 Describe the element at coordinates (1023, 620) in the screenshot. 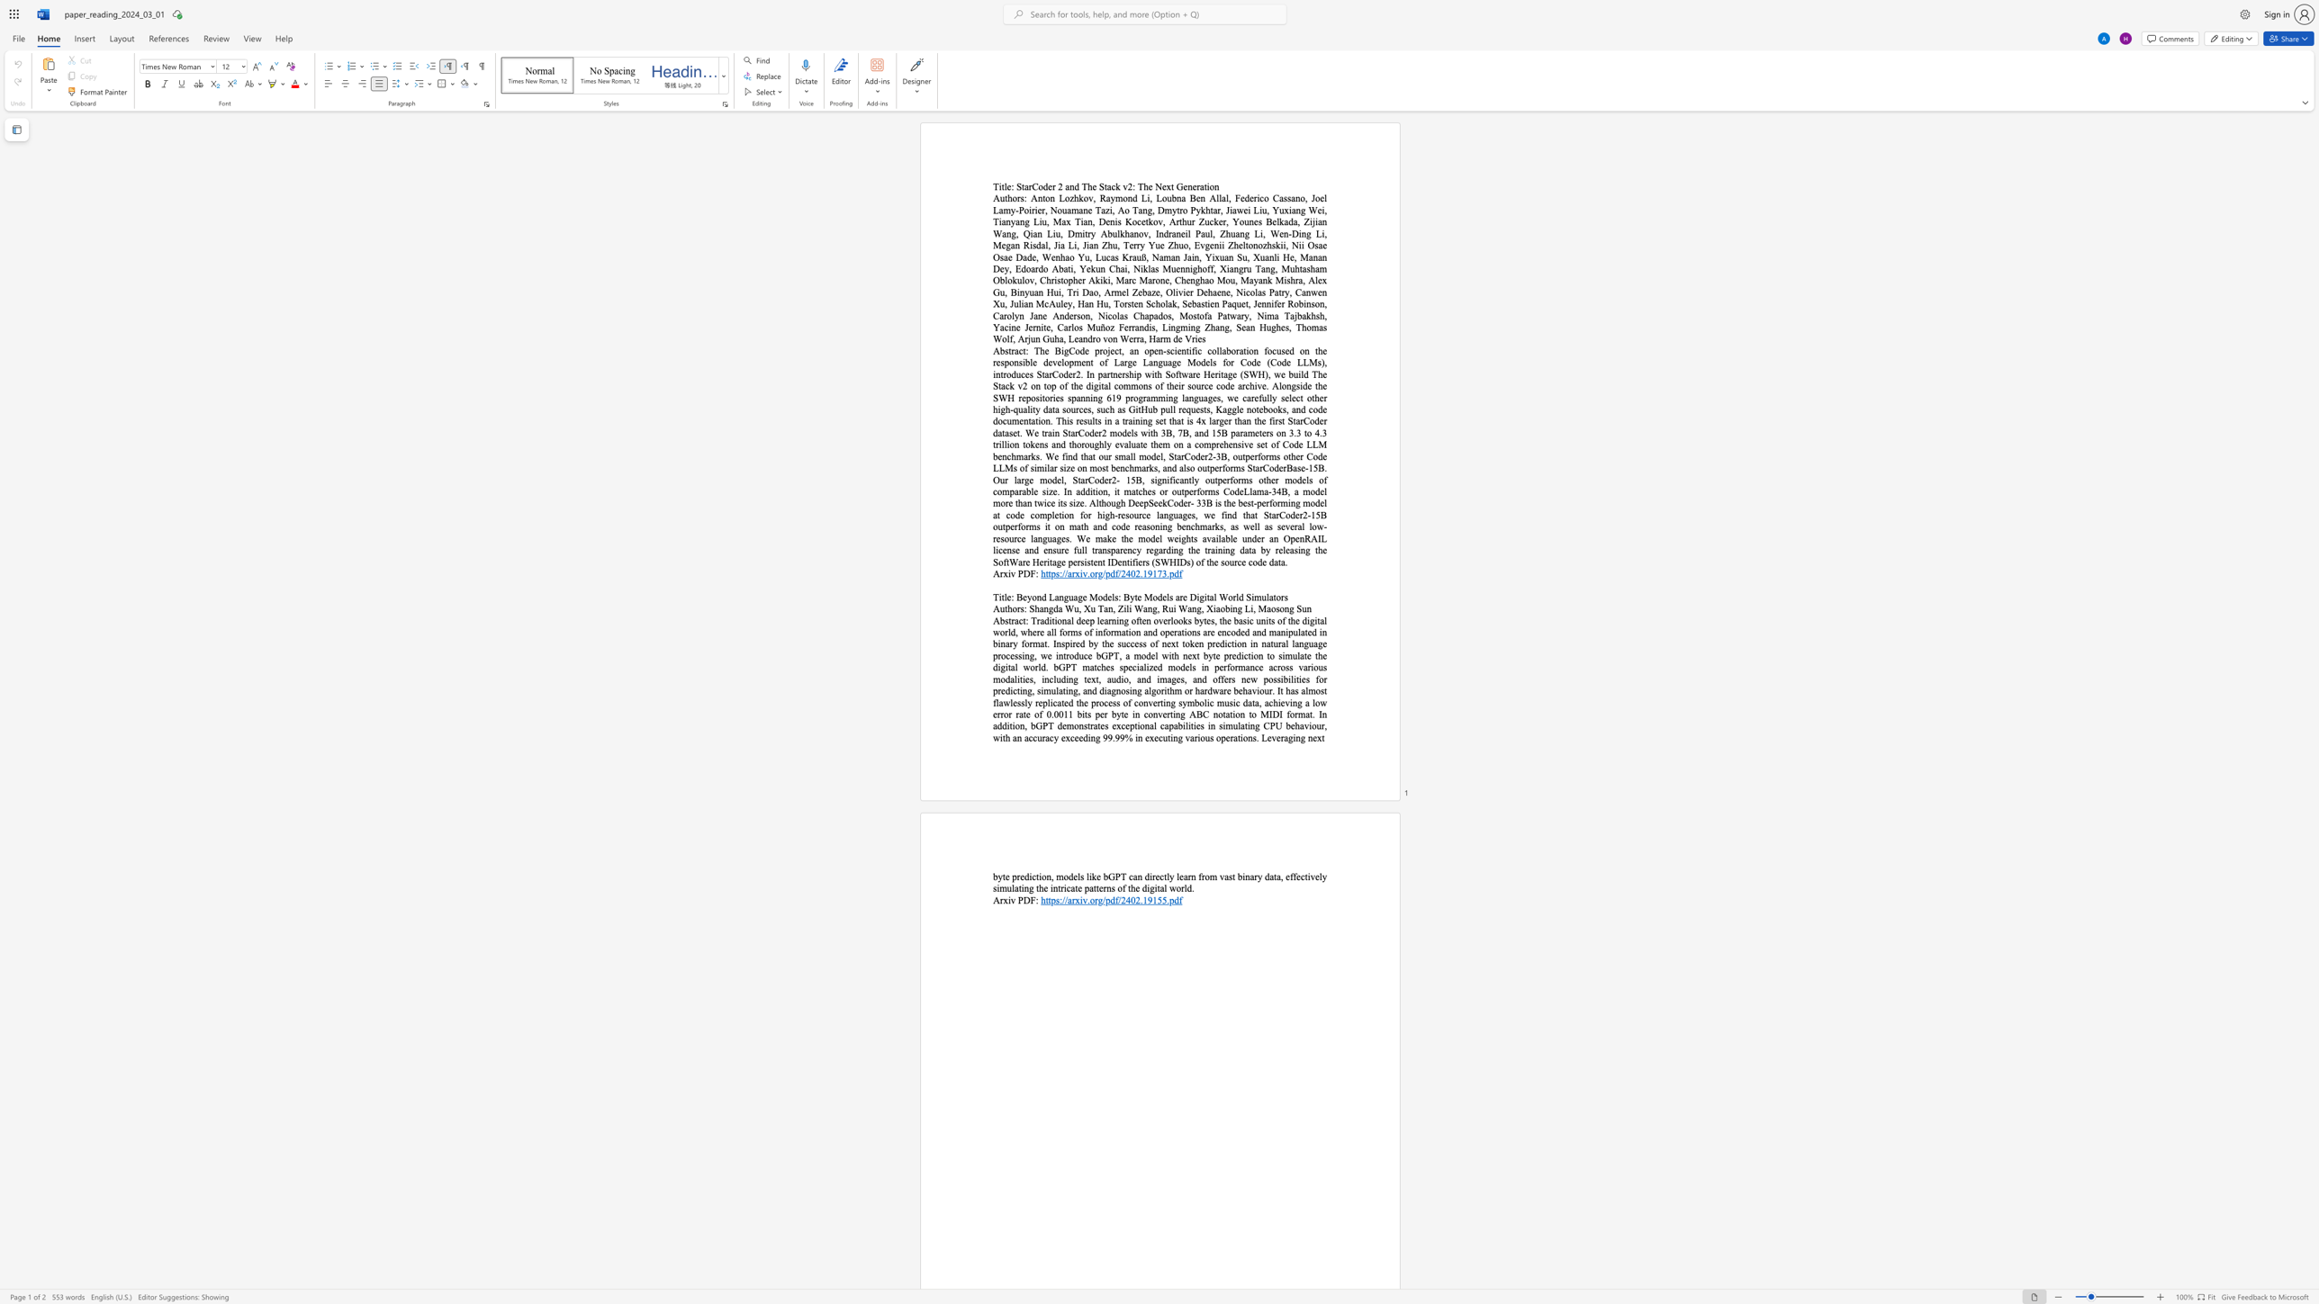

I see `the subset text "t:" within the text "Abstract:"` at that location.